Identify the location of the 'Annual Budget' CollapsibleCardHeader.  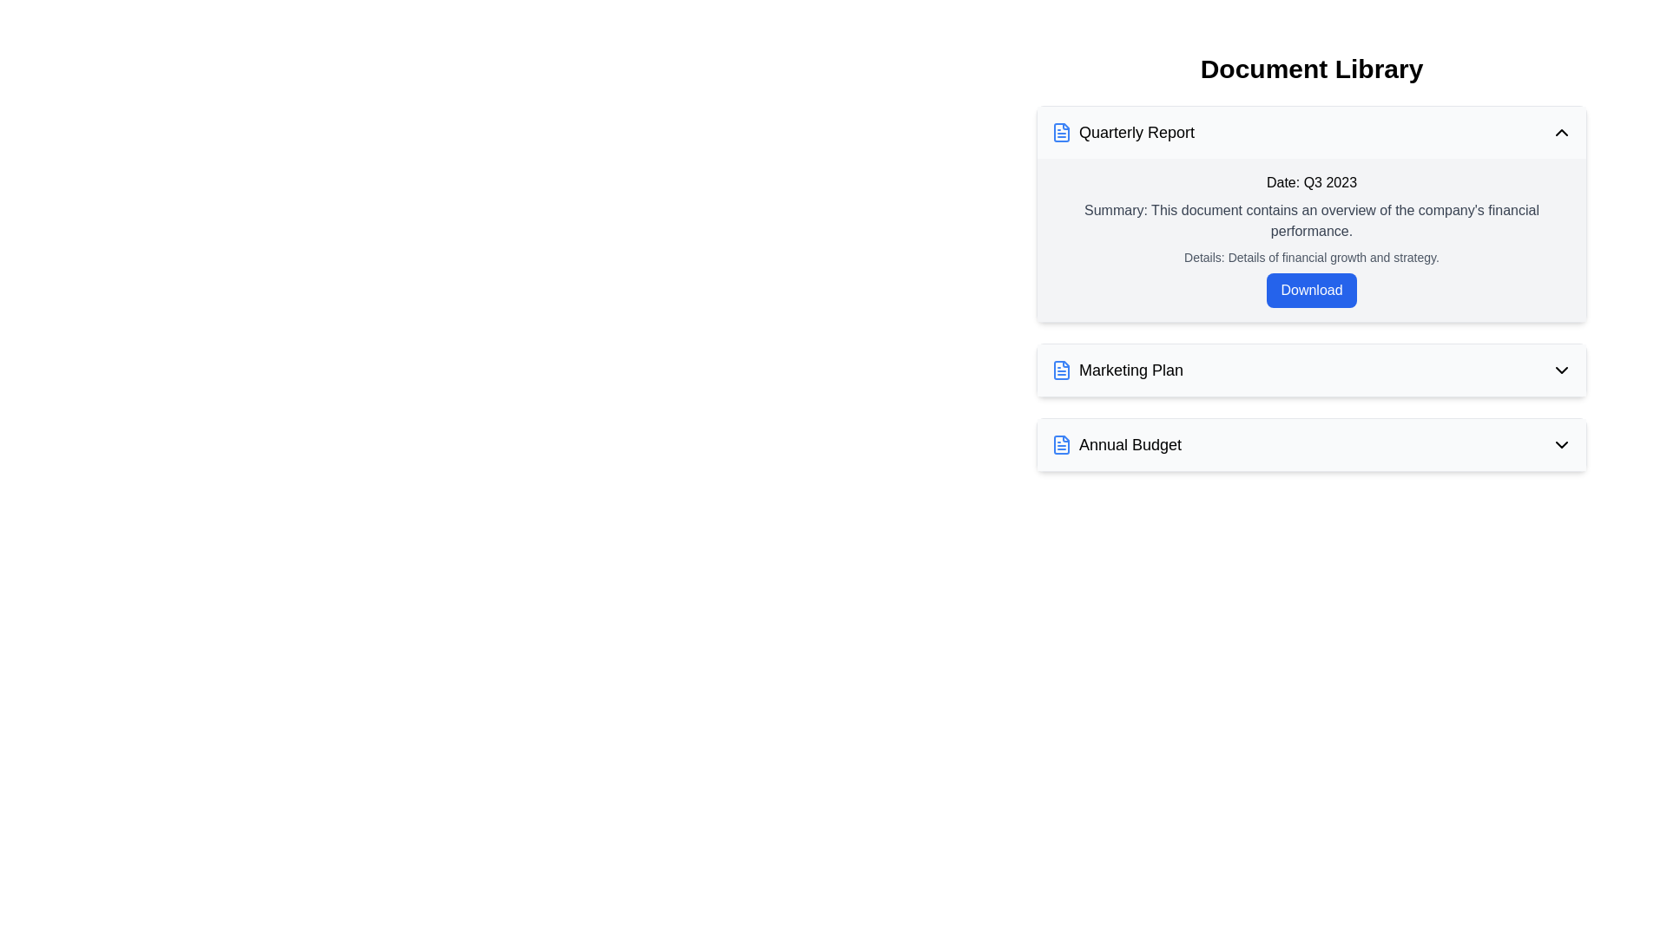
(1312, 444).